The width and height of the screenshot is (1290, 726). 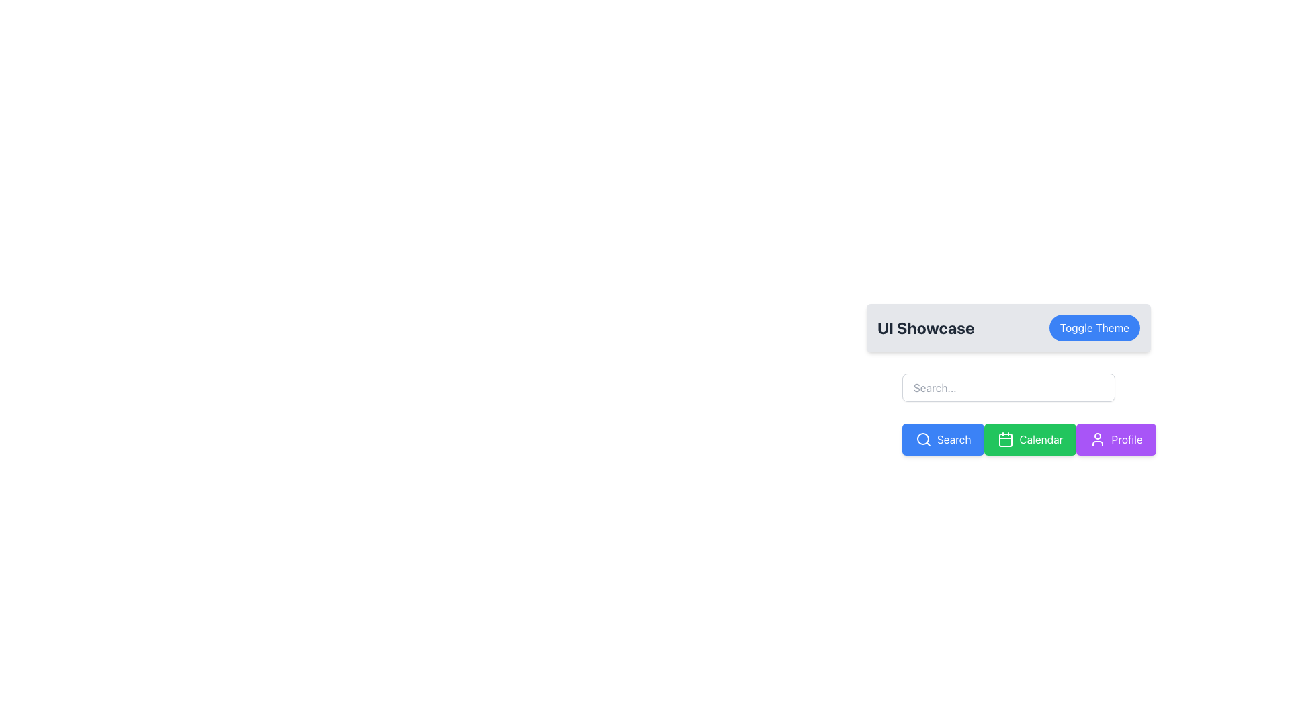 What do you see at coordinates (1041, 440) in the screenshot?
I see `the 'Calendar' label, which is styled with white font color on a green background and is the middle button in a group of three buttons below the 'Search' bar` at bounding box center [1041, 440].